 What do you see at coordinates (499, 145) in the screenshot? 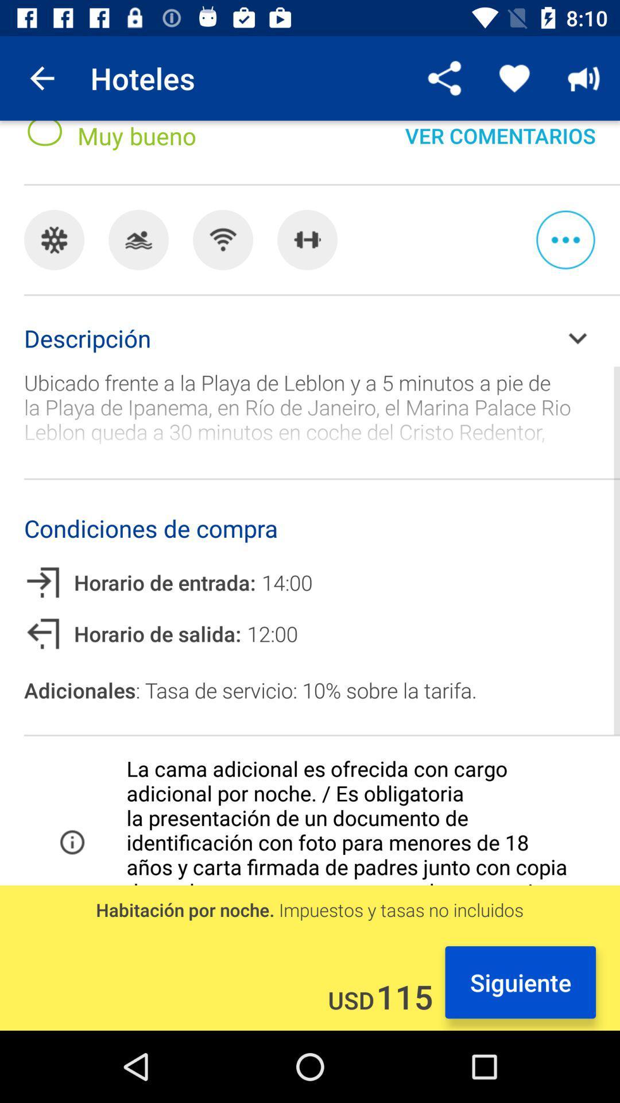
I see `item next to the muy bueno icon` at bounding box center [499, 145].